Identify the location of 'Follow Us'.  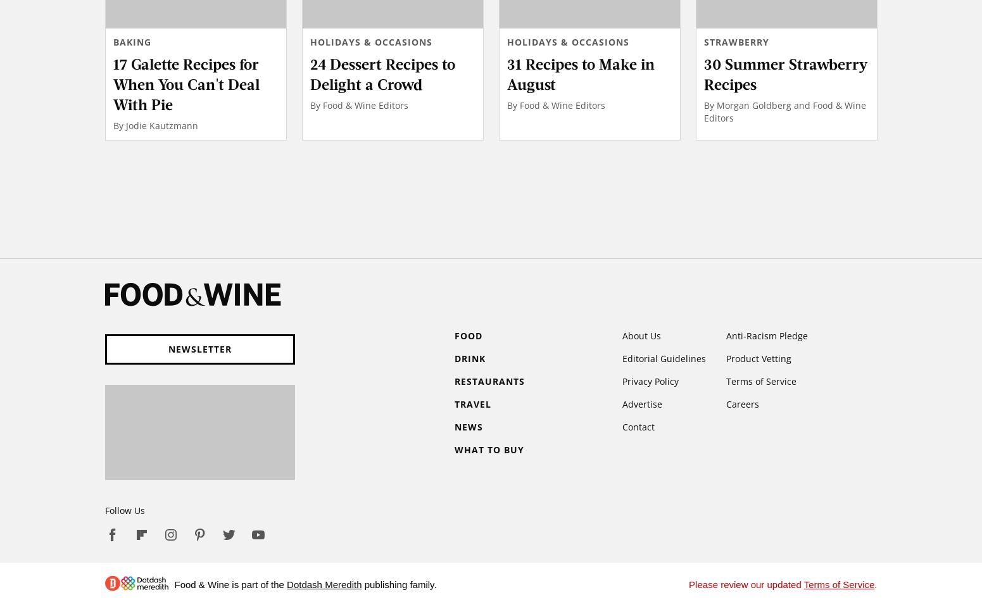
(123, 510).